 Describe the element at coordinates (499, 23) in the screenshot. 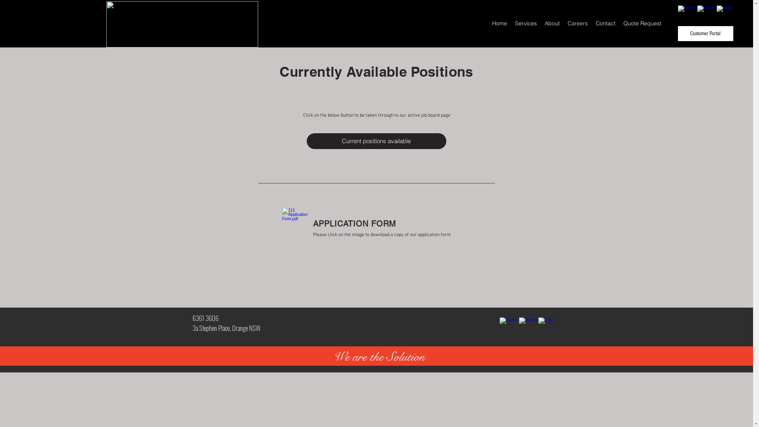

I see `'Home'` at that location.